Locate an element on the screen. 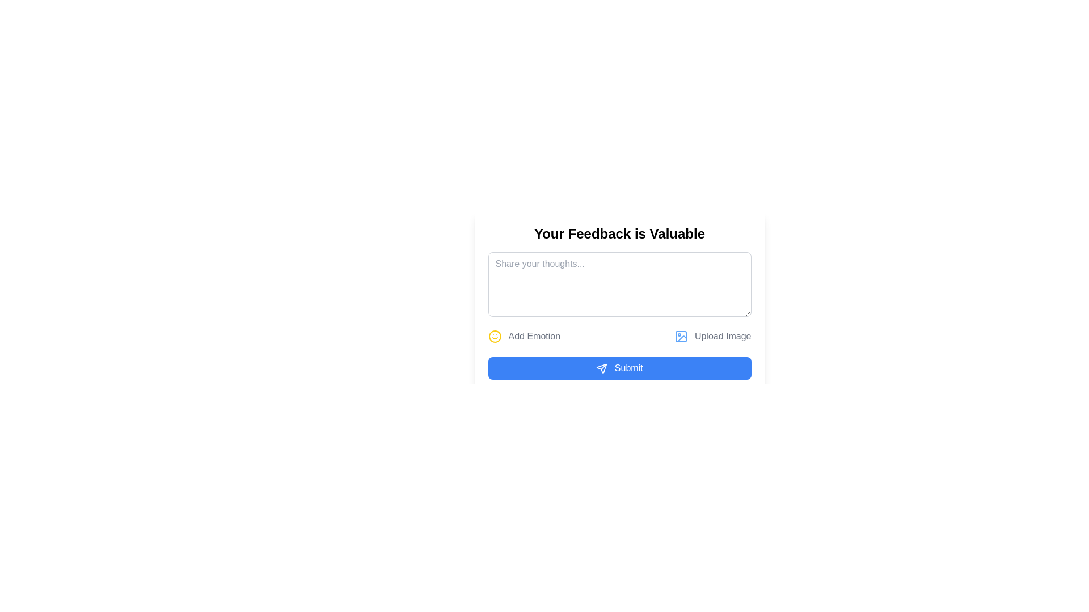 The height and width of the screenshot is (612, 1089). the smiling face icon in the feedback form, which is the largest circle in the graphic and located near the Add Emotion button is located at coordinates (495, 336).